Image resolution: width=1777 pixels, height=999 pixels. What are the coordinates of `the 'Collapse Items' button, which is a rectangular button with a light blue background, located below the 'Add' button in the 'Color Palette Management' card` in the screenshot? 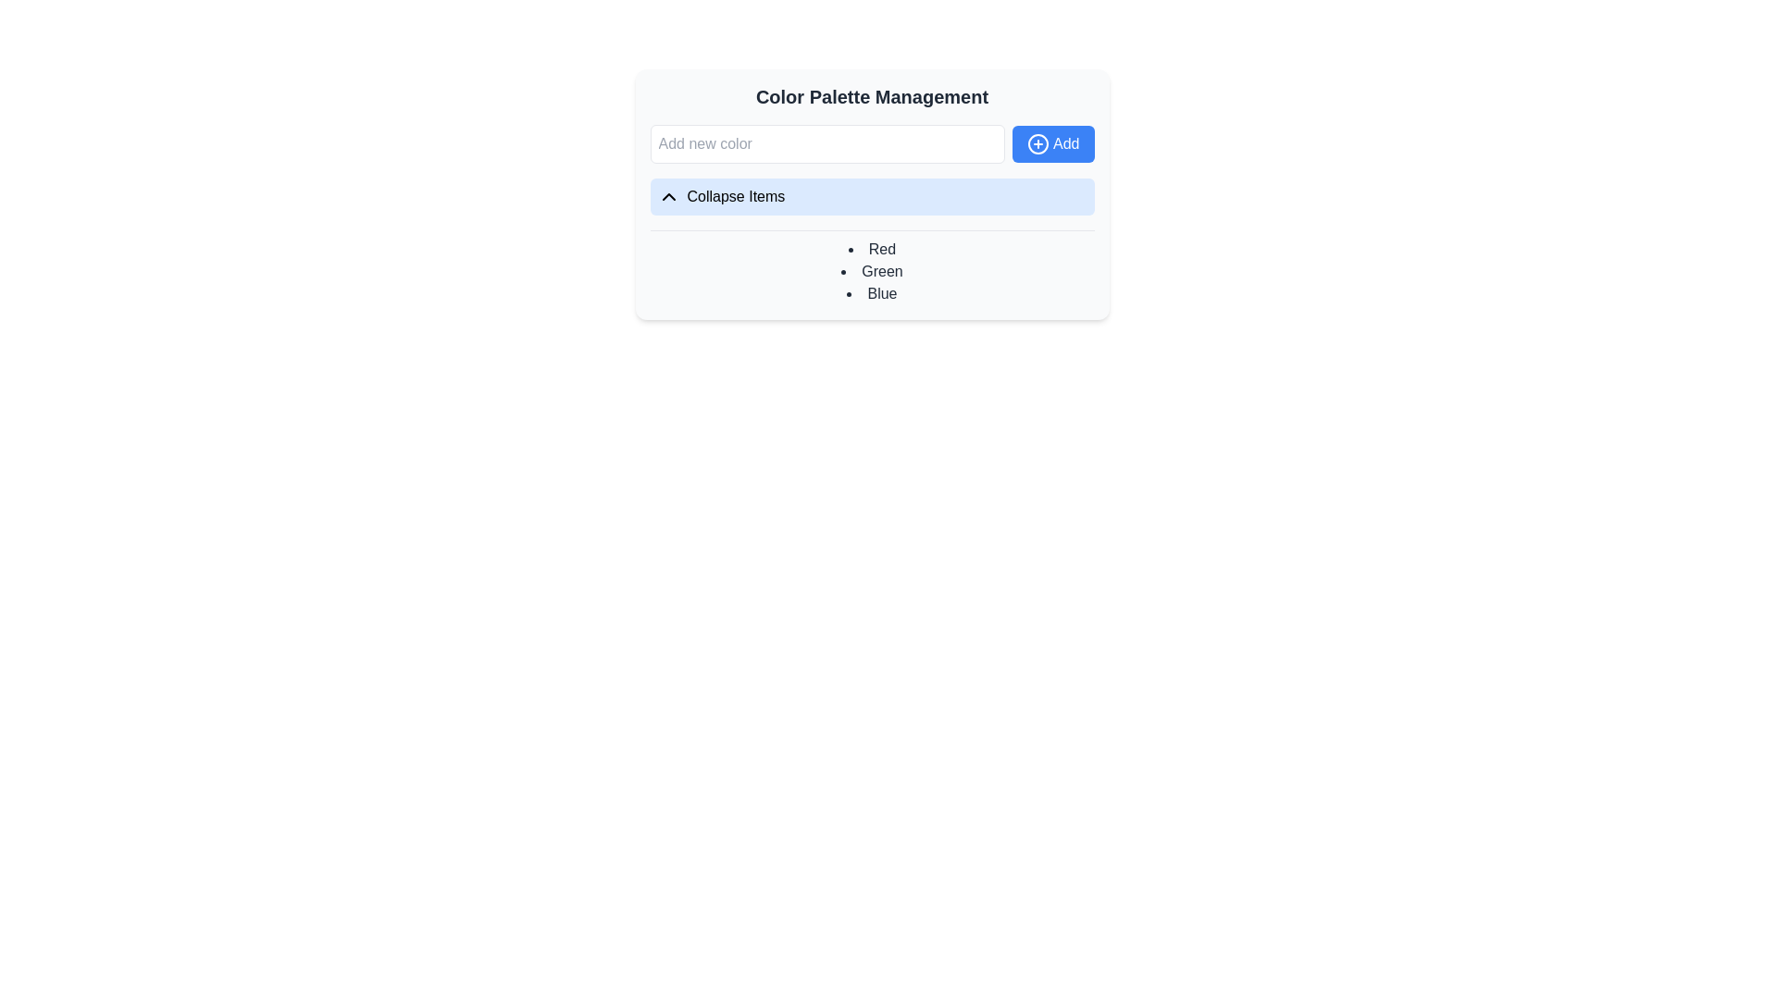 It's located at (871, 196).